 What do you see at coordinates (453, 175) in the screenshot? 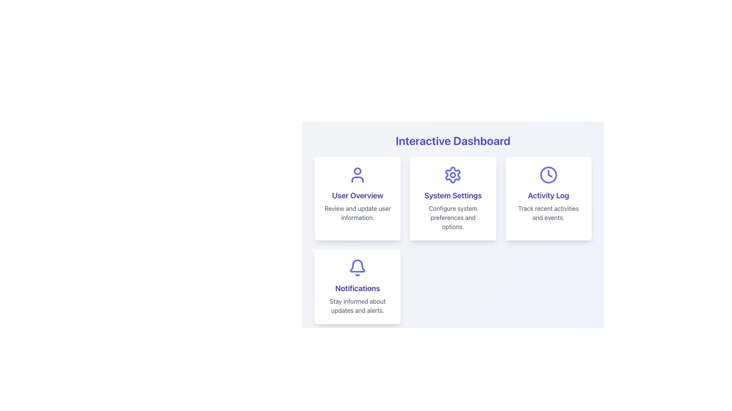
I see `the small circular shape located within the gear icon in the 'System Settings' section on the dashboard` at bounding box center [453, 175].